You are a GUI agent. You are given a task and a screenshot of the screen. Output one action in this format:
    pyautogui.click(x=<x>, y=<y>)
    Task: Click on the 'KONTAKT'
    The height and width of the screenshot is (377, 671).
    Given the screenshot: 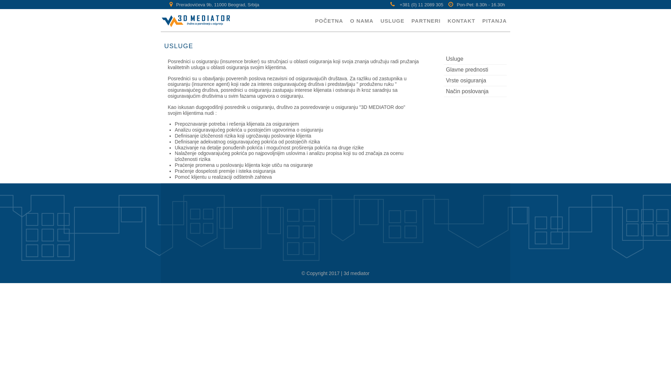 What is the action you would take?
    pyautogui.click(x=461, y=20)
    